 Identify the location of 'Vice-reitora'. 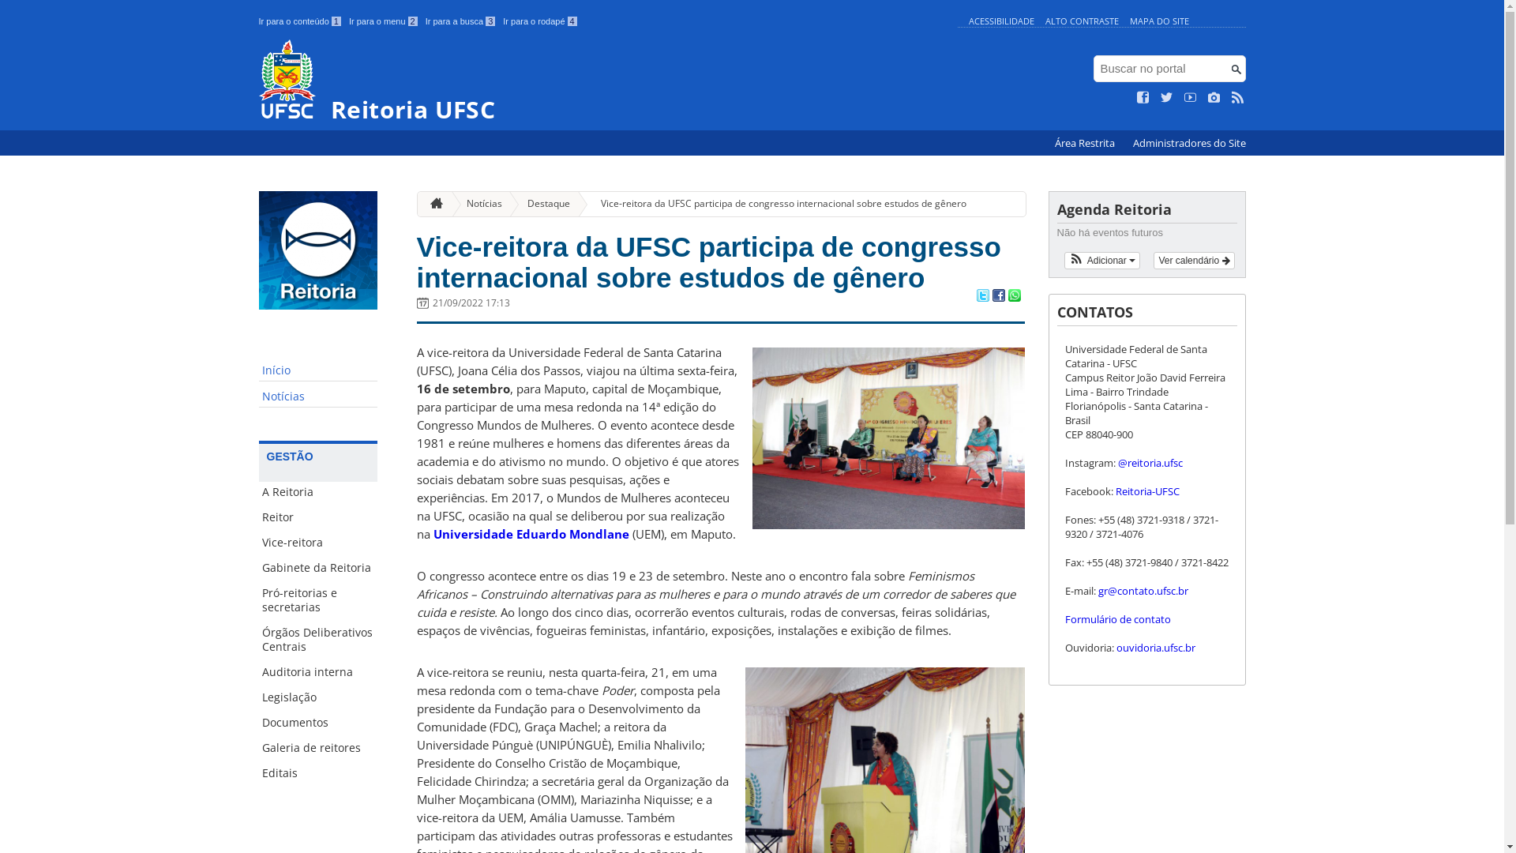
(317, 541).